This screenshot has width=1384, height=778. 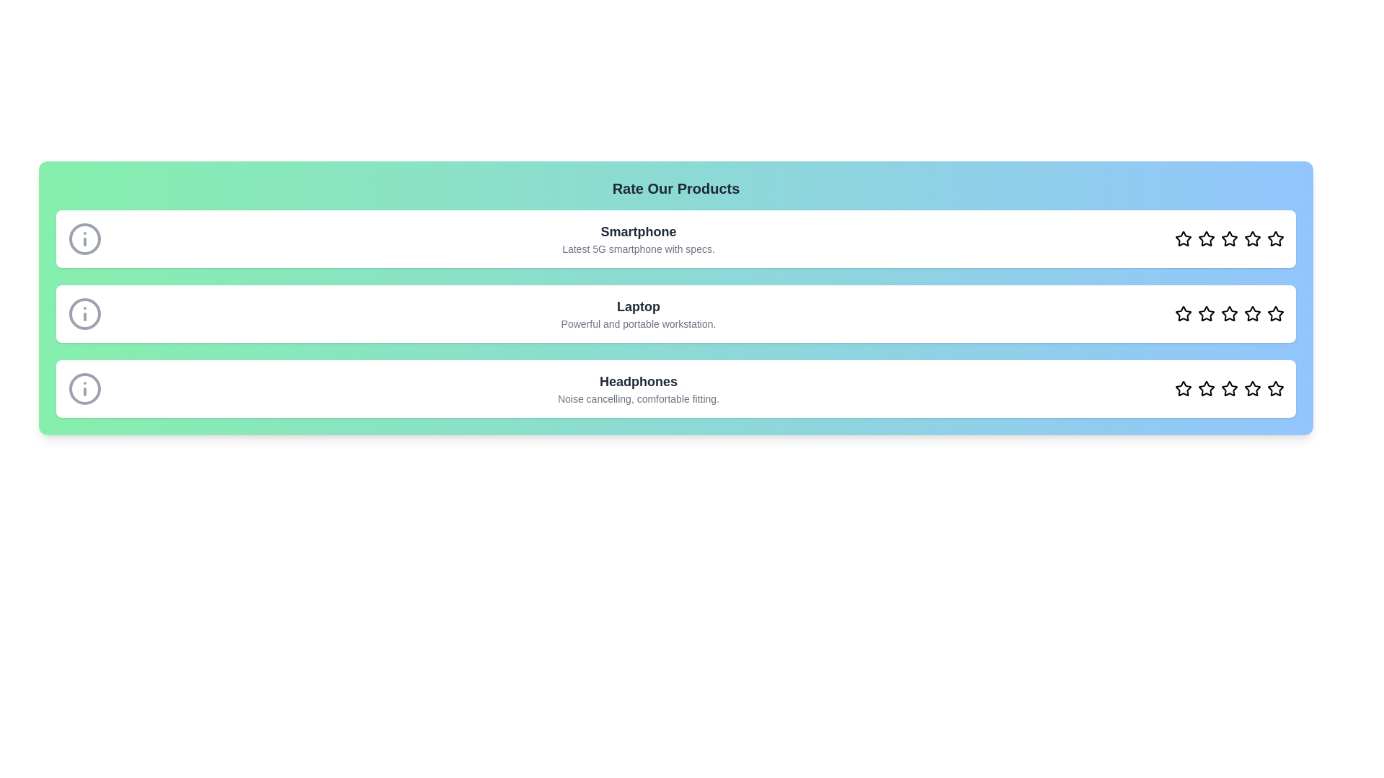 What do you see at coordinates (84, 389) in the screenshot?
I see `the Circular SVG graphic component` at bounding box center [84, 389].